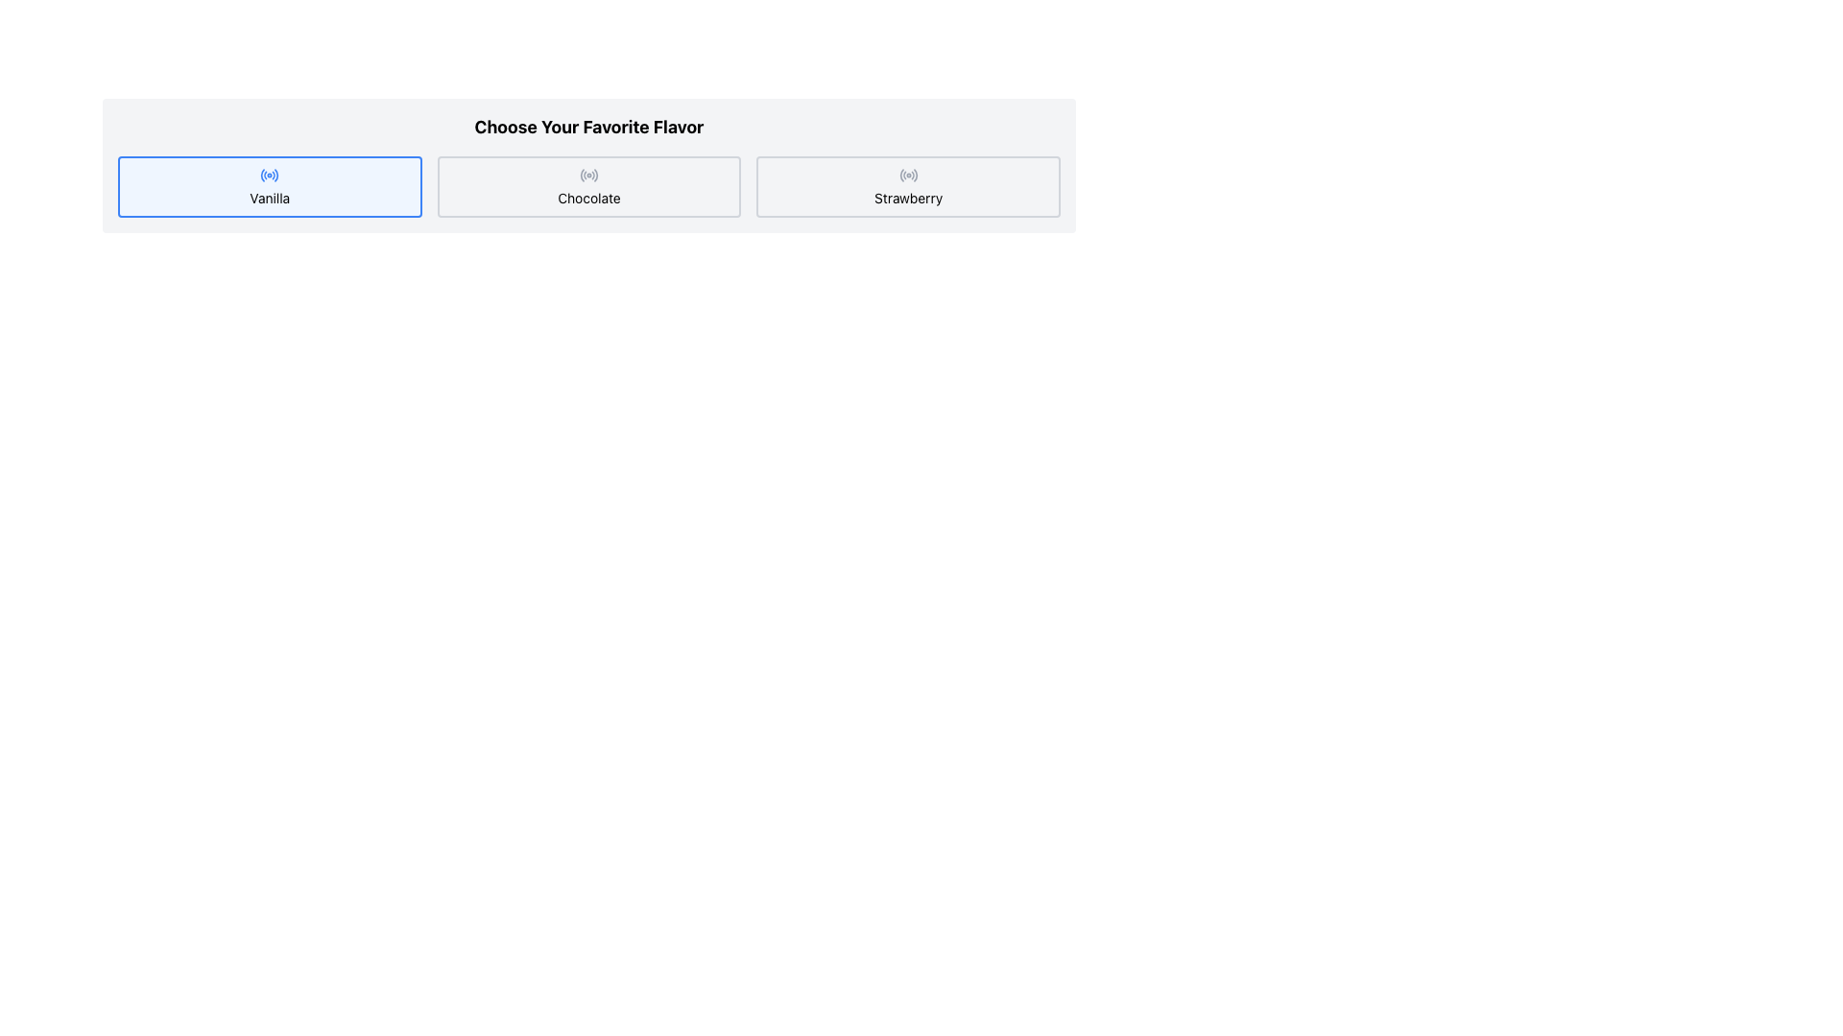 This screenshot has width=1843, height=1036. I want to click on the Chocolate button, which is positioned in the middle column of a three-column grid, so click(588, 187).